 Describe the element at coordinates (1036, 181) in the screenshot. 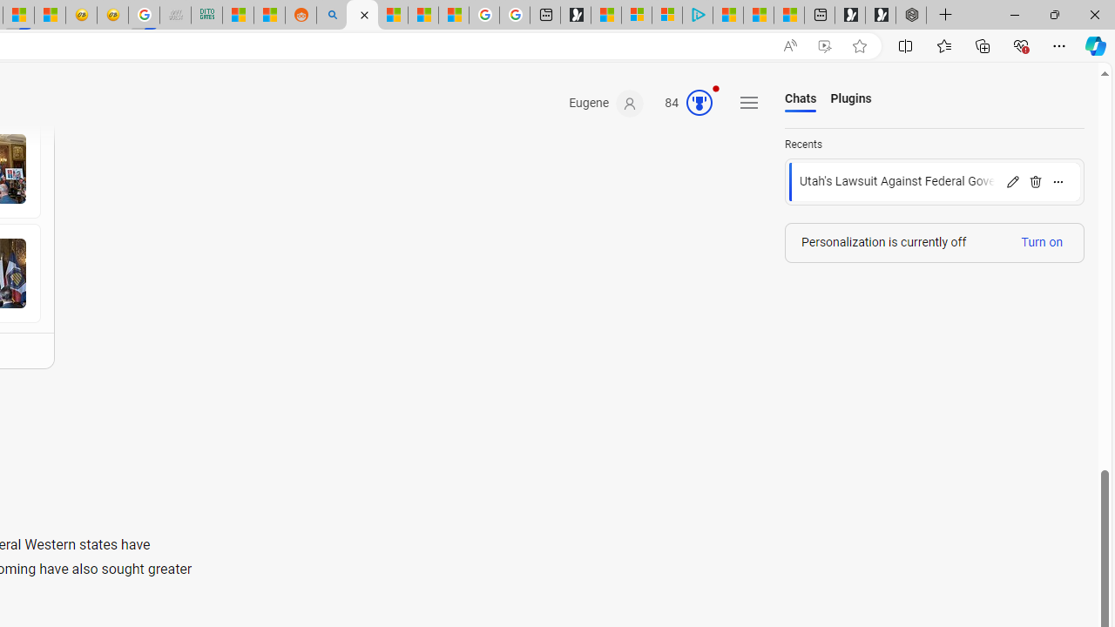

I see `'Delete'` at that location.